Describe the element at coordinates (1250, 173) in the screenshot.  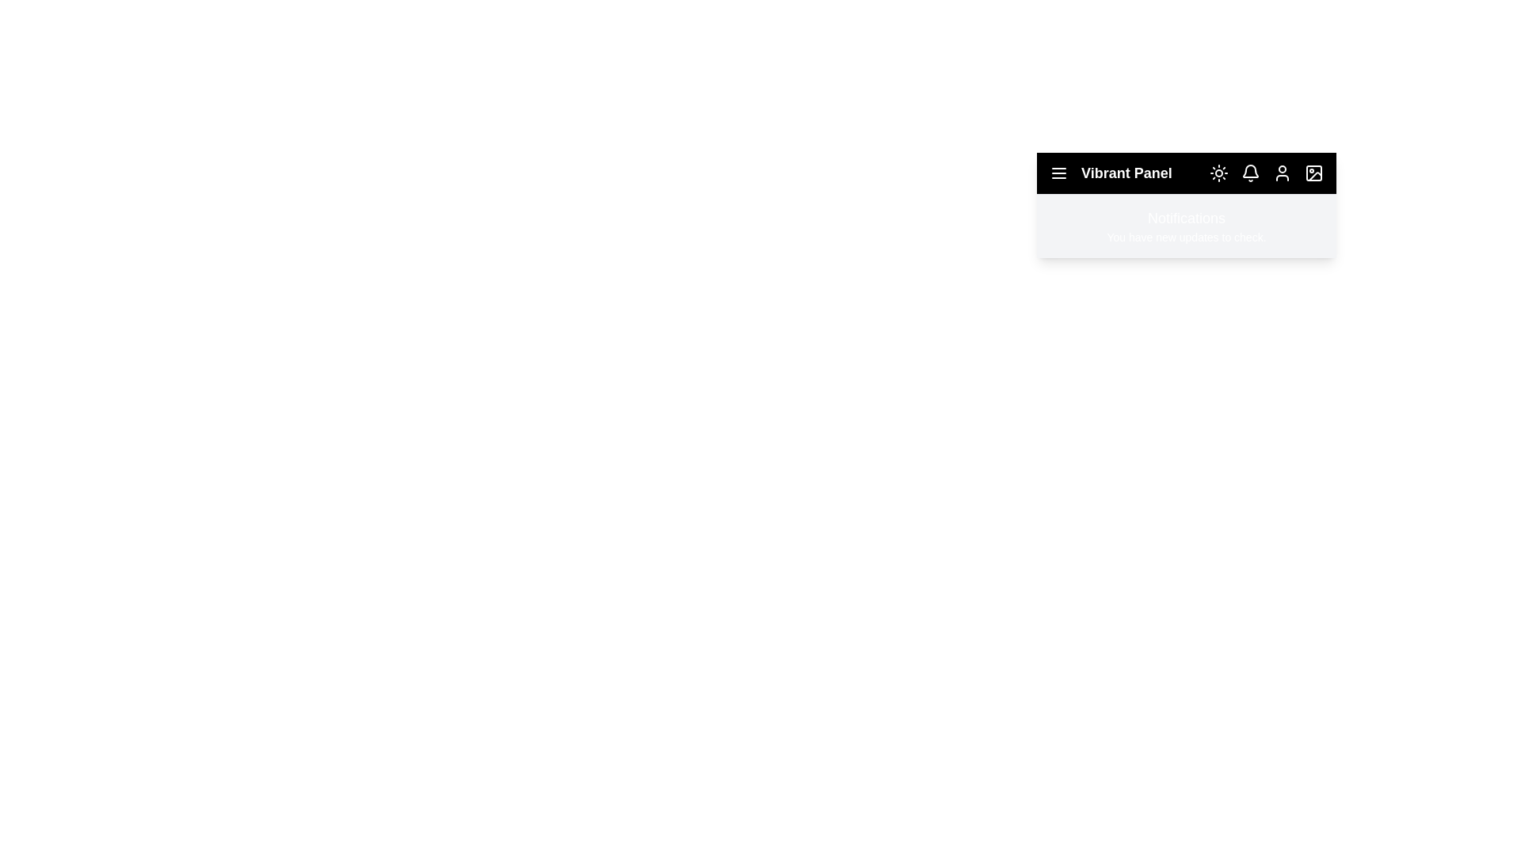
I see `the bell icon to toggle the notifications panel` at that location.